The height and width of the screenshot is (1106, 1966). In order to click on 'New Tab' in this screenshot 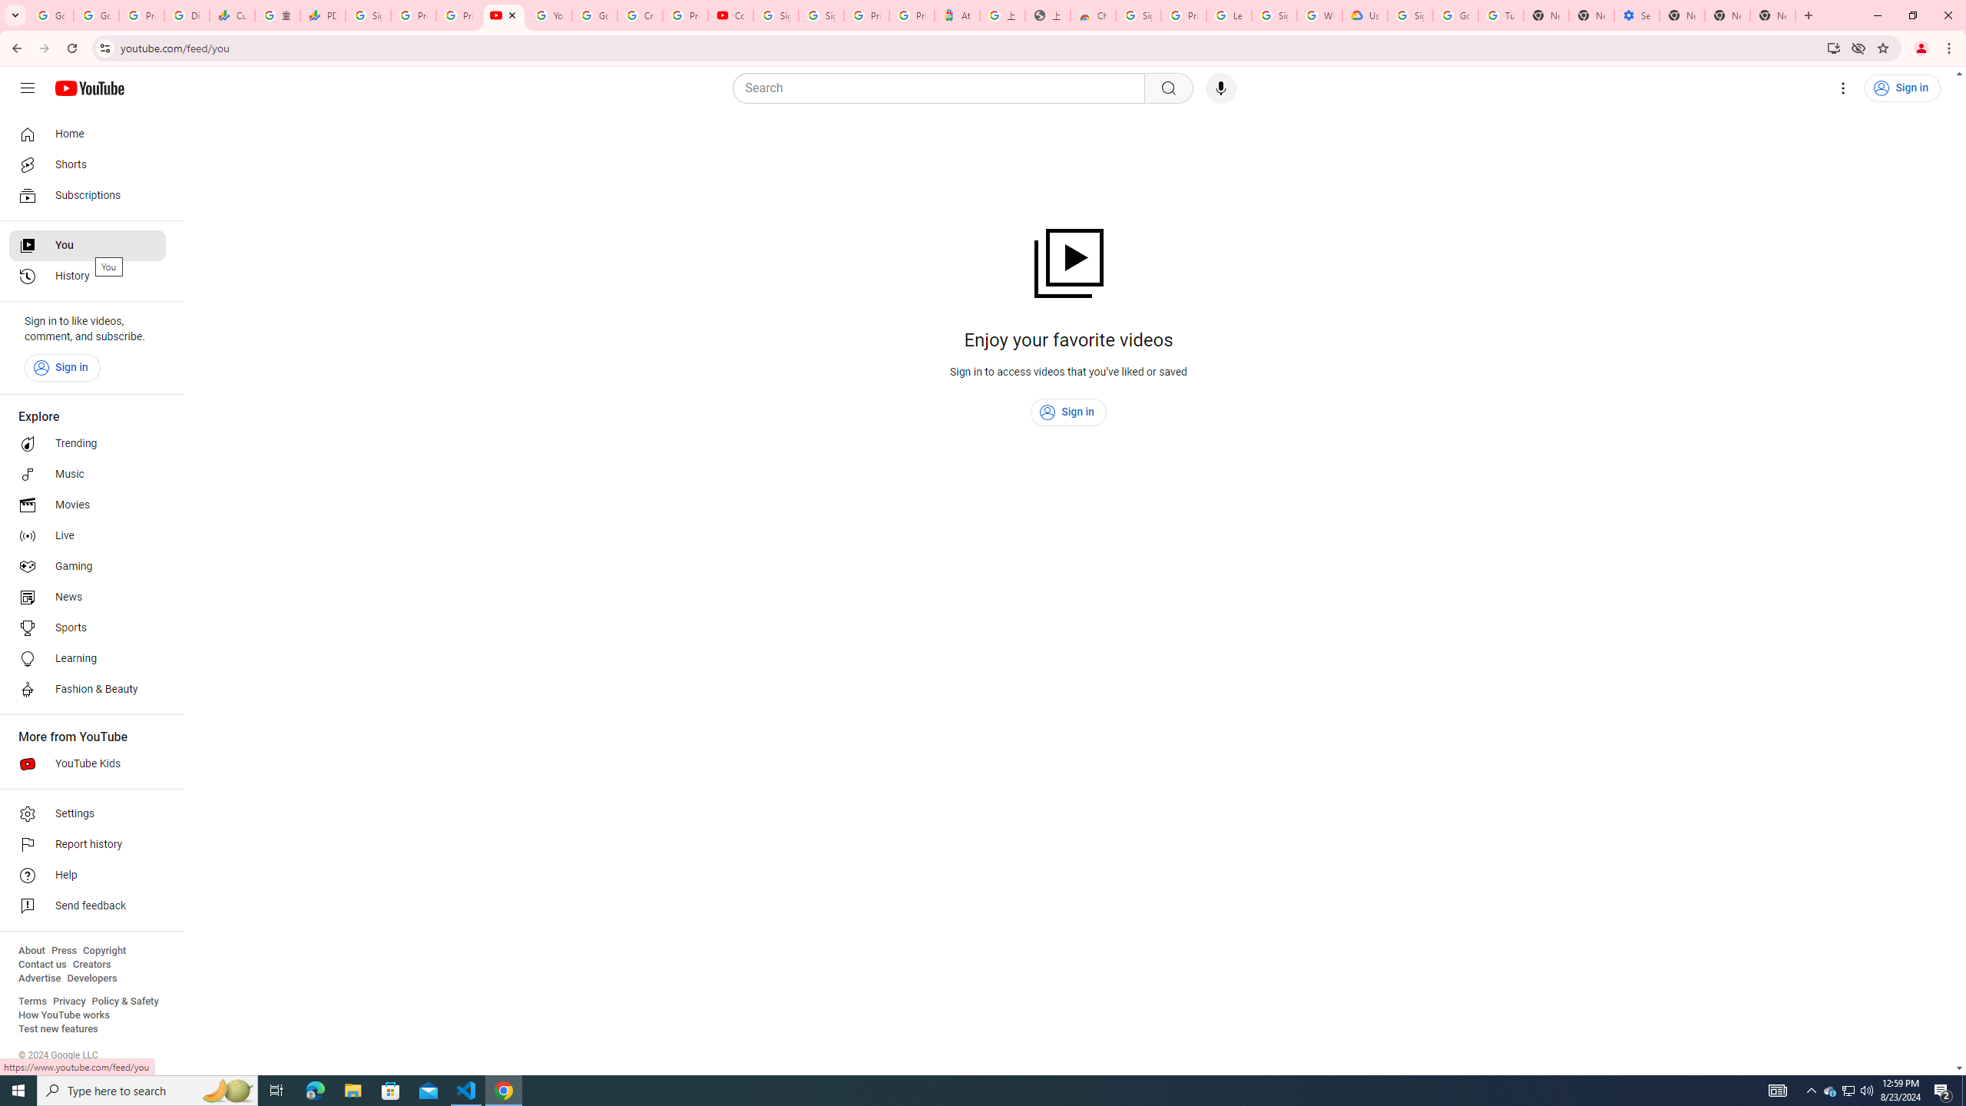, I will do `click(1772, 15)`.